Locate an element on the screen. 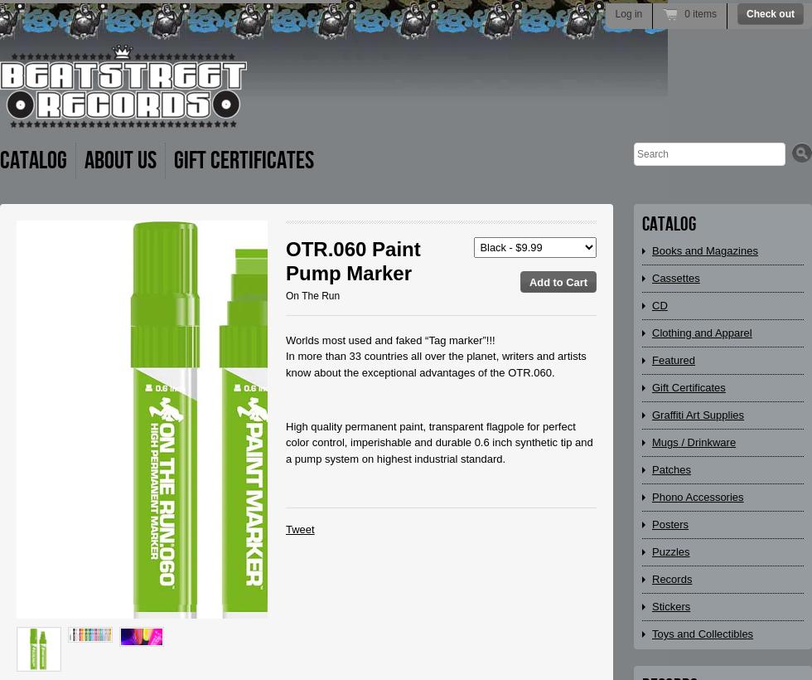 The width and height of the screenshot is (812, 680). 'Records' is located at coordinates (672, 579).